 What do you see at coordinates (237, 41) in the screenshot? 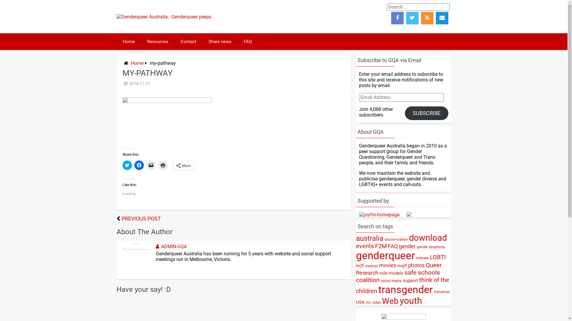
I see `'FAQ'` at bounding box center [237, 41].